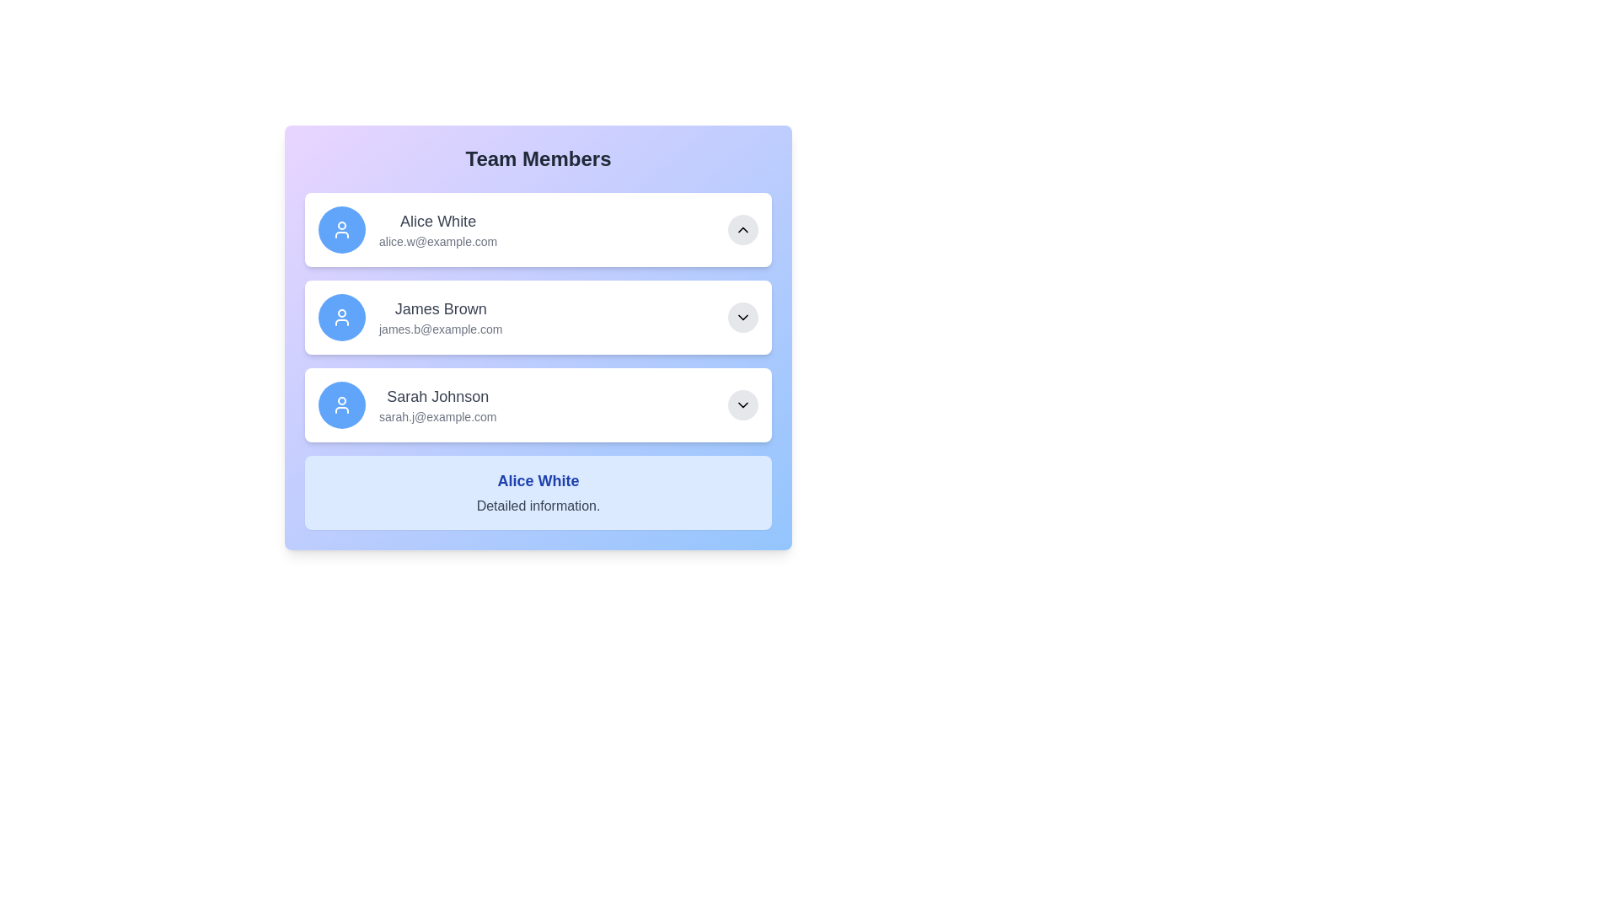 The height and width of the screenshot is (910, 1618). I want to click on the upward-pointing chevron icon button located in the 'Team Members' panel next to 'Alice White', so click(742, 230).